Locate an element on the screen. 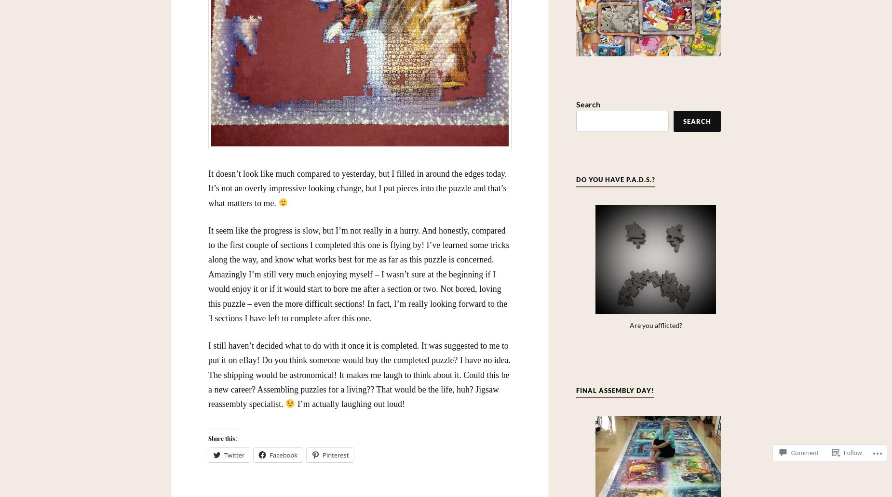  'I still haven’t decided what to do with it once it is completed. It was suggested to me to put it on eBay! Do you think someone would buy the completed puzzle? I have no idea. The shipping would be astronomical! It makes me laugh to think about it. Could this be a new career? Assembling puzzles for a living?? That would be the life, huh? Jigsaw reassembly specialist.' is located at coordinates (359, 375).